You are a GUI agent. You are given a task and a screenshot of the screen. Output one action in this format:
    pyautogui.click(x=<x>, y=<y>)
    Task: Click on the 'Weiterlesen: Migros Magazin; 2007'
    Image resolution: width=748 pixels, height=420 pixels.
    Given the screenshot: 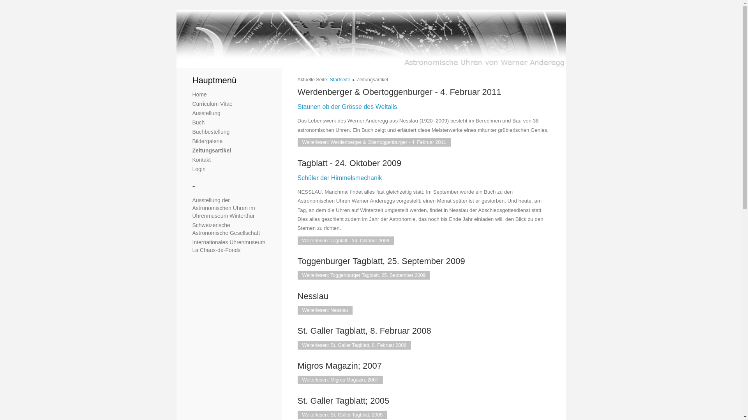 What is the action you would take?
    pyautogui.click(x=340, y=379)
    